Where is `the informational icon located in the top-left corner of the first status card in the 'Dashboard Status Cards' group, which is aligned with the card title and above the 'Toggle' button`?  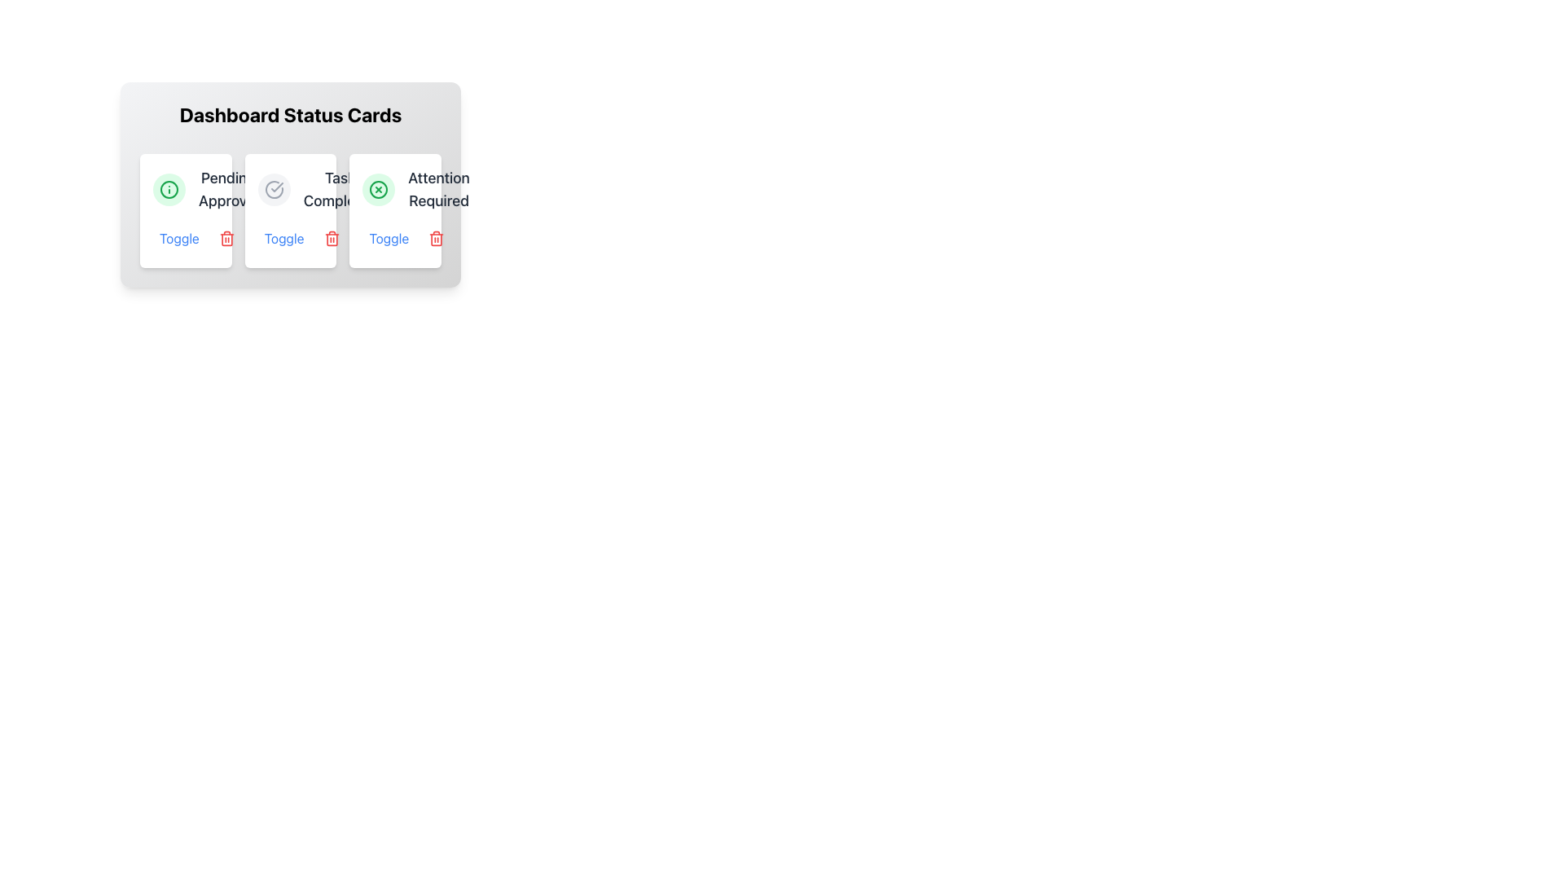
the informational icon located in the top-left corner of the first status card in the 'Dashboard Status Cards' group, which is aligned with the card title and above the 'Toggle' button is located at coordinates (169, 188).